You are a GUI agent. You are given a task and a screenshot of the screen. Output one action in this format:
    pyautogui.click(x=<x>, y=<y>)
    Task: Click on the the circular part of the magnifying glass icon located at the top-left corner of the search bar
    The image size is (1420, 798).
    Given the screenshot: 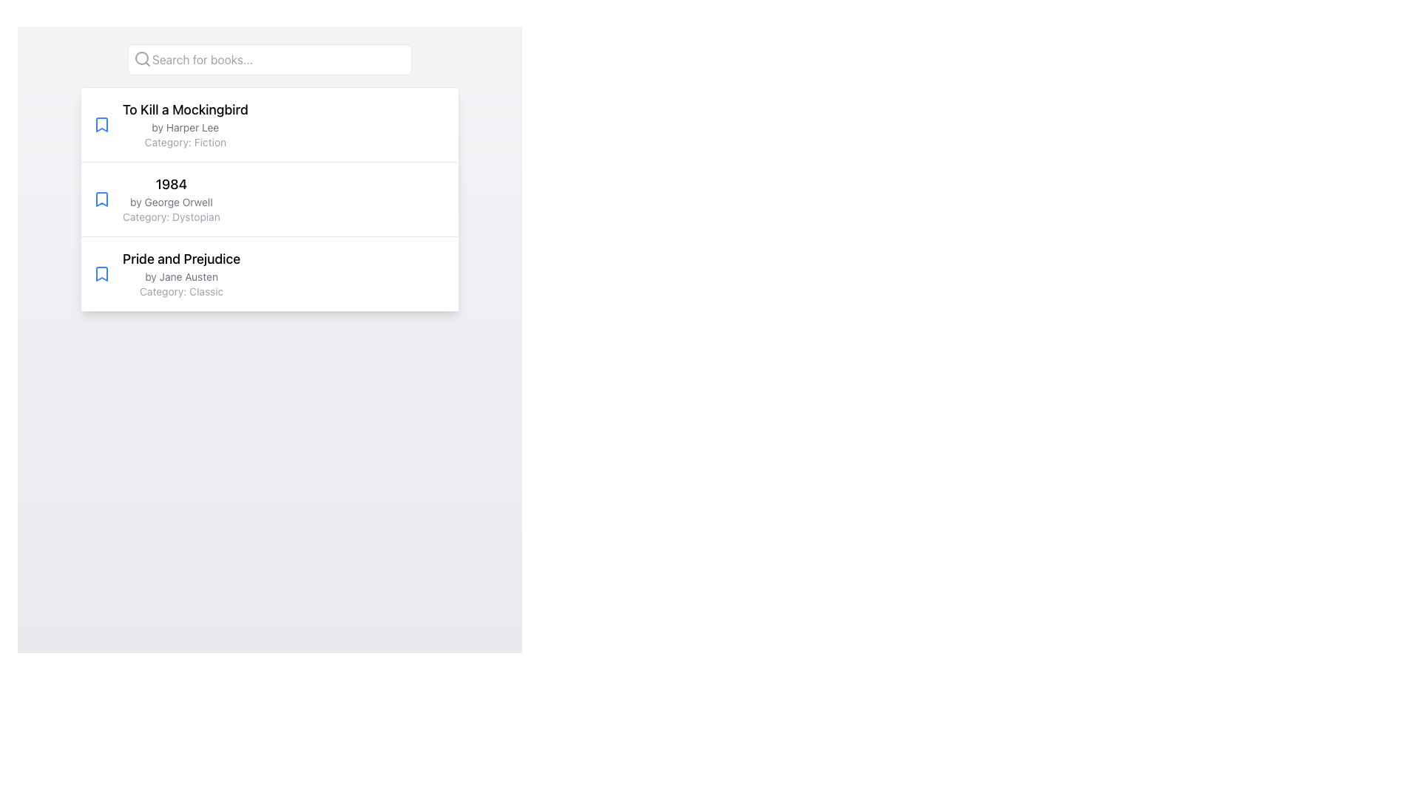 What is the action you would take?
    pyautogui.click(x=142, y=57)
    